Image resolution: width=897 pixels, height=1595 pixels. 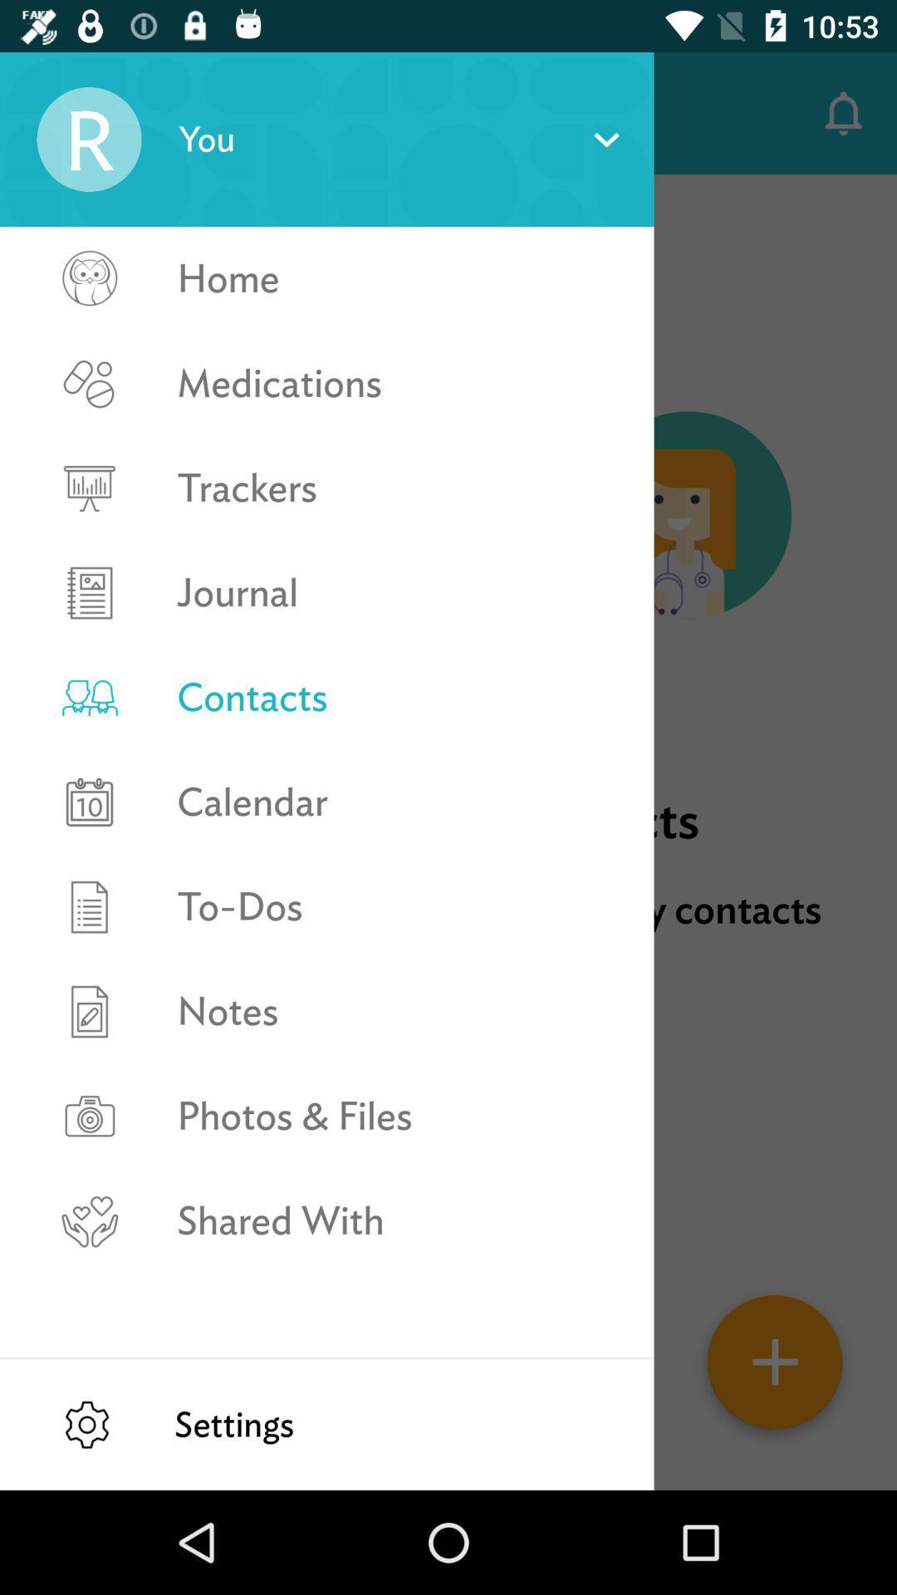 I want to click on icon next to contacts, so click(x=60, y=112).